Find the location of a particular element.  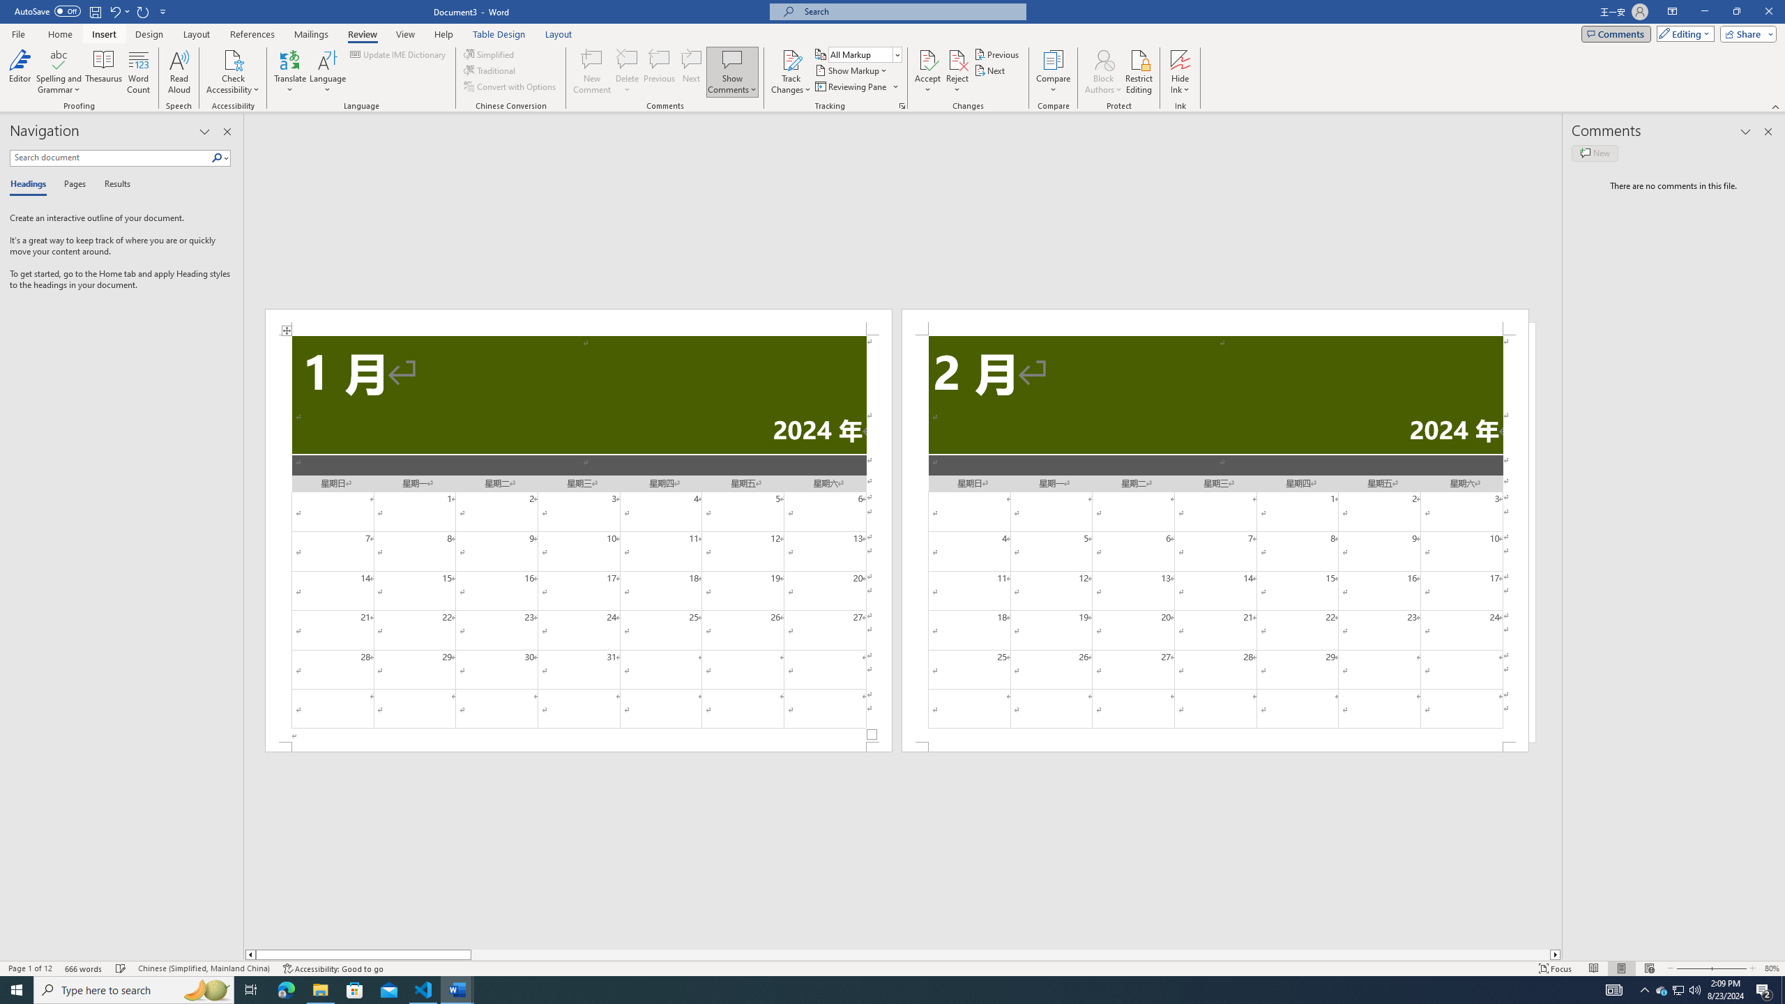

'Block Authors' is located at coordinates (1103, 59).